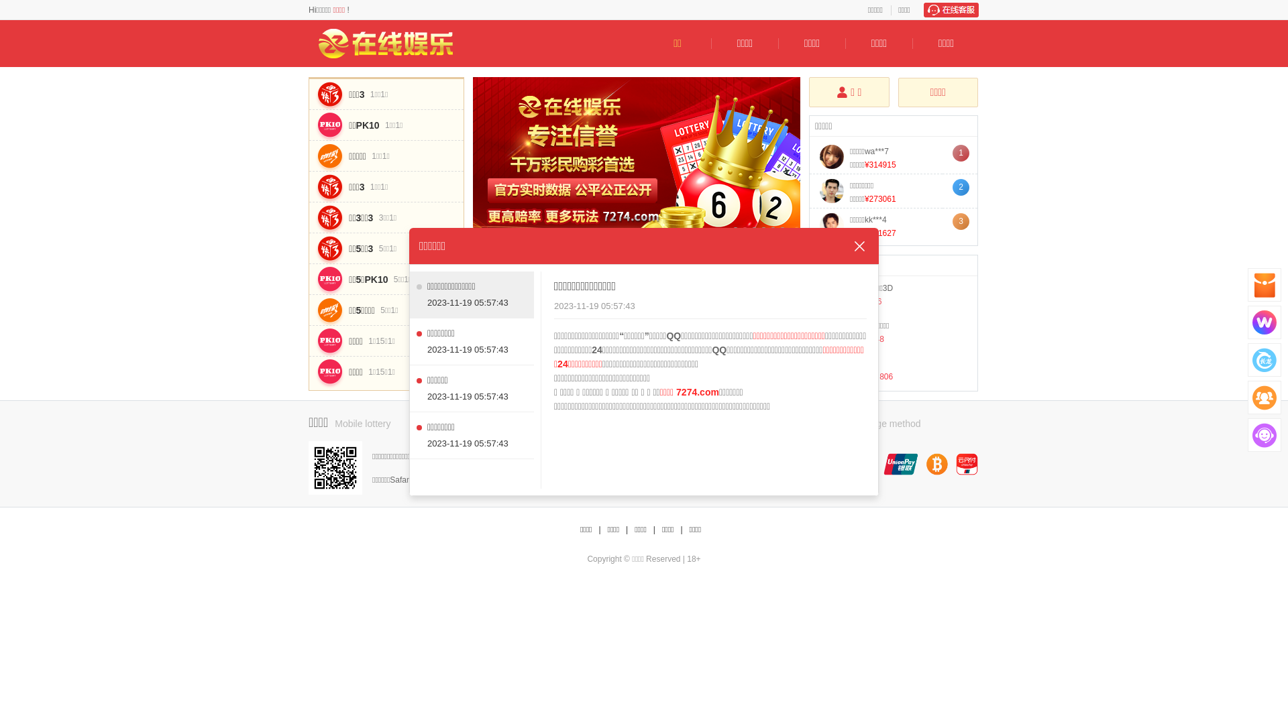 This screenshot has width=1288, height=724. Describe the element at coordinates (598, 529) in the screenshot. I see `'|'` at that location.